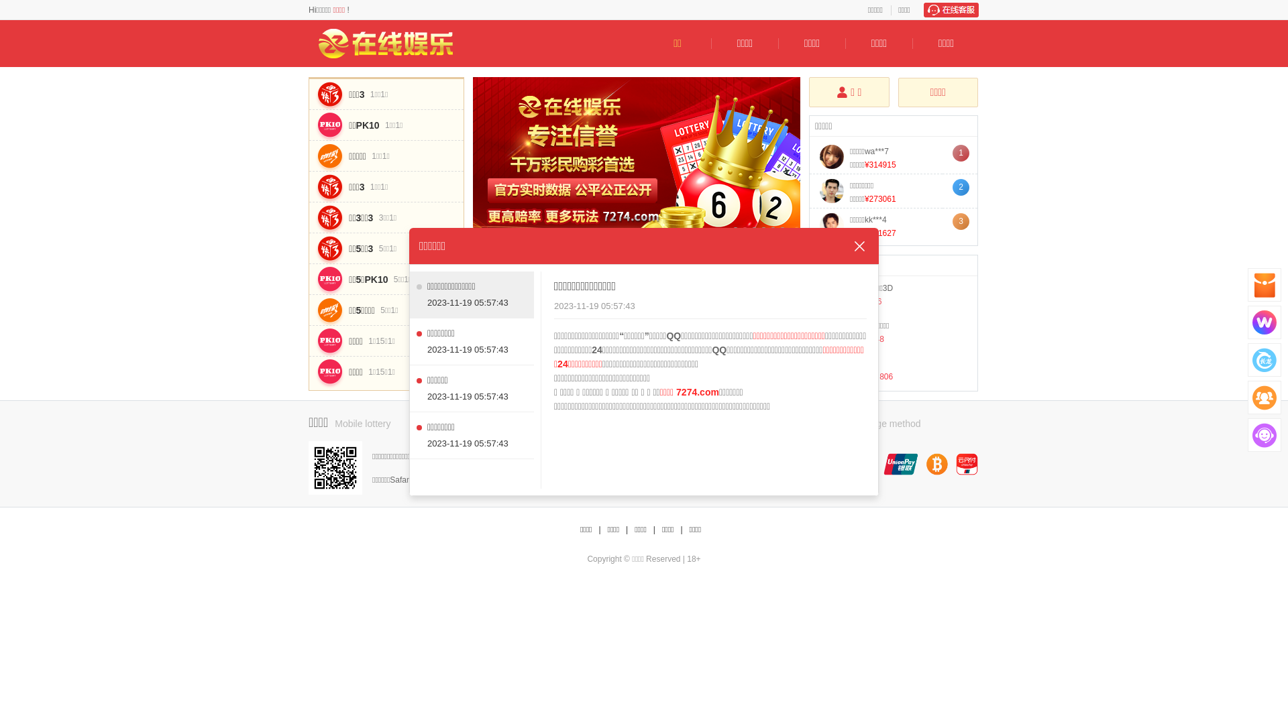 This screenshot has width=1288, height=724. Describe the element at coordinates (598, 529) in the screenshot. I see `'|'` at that location.